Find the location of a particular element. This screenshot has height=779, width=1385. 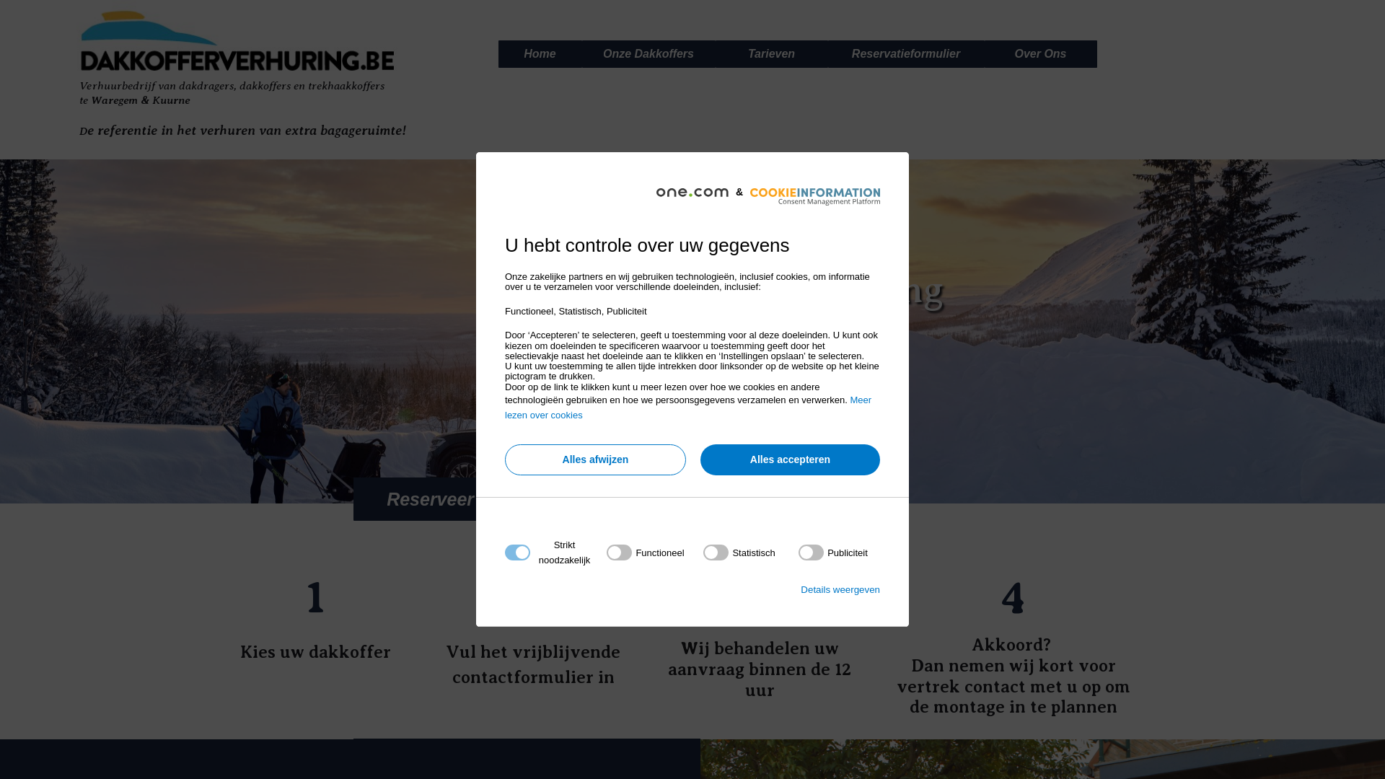

'Over Ons' is located at coordinates (1041, 53).